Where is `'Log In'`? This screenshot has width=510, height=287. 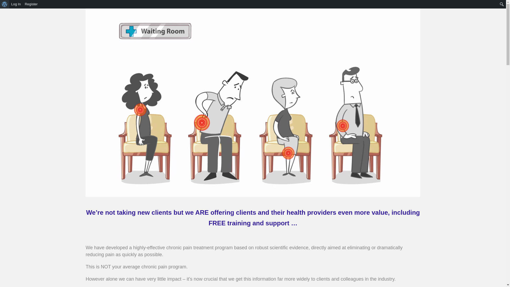
'Log In' is located at coordinates (9, 4).